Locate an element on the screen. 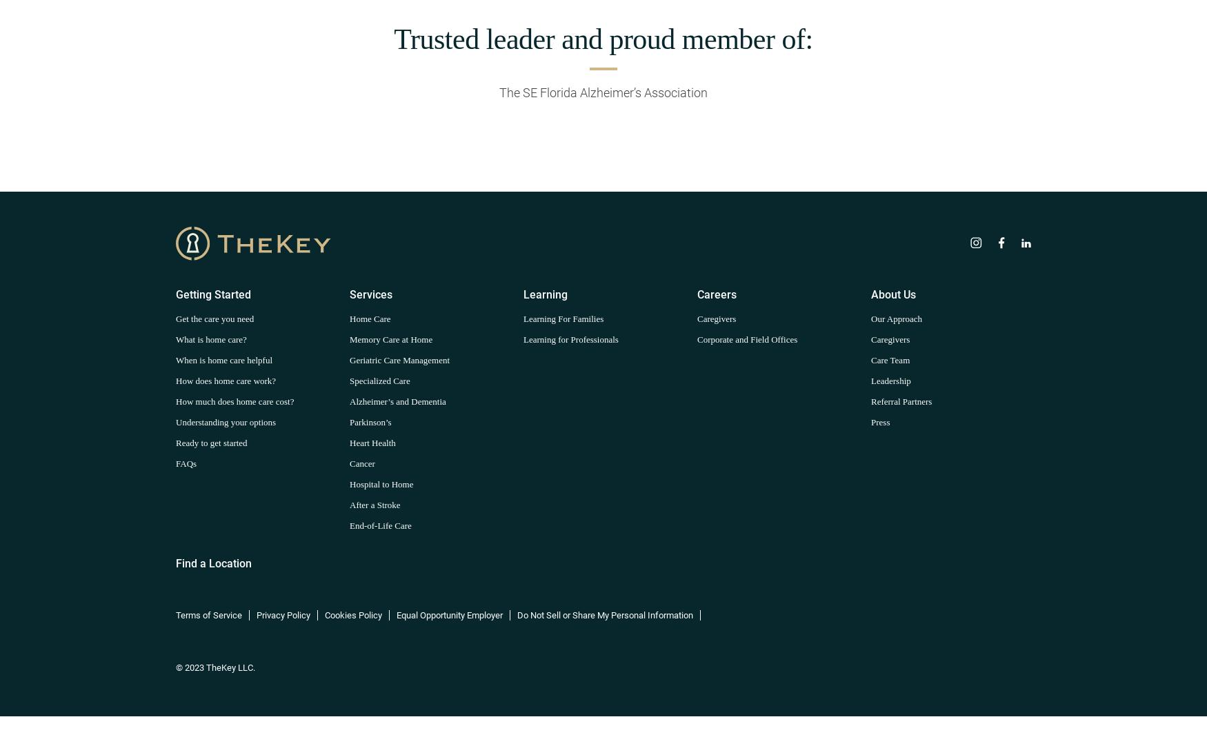 The image size is (1207, 737). 'Corporate and Field Offices' is located at coordinates (747, 338).